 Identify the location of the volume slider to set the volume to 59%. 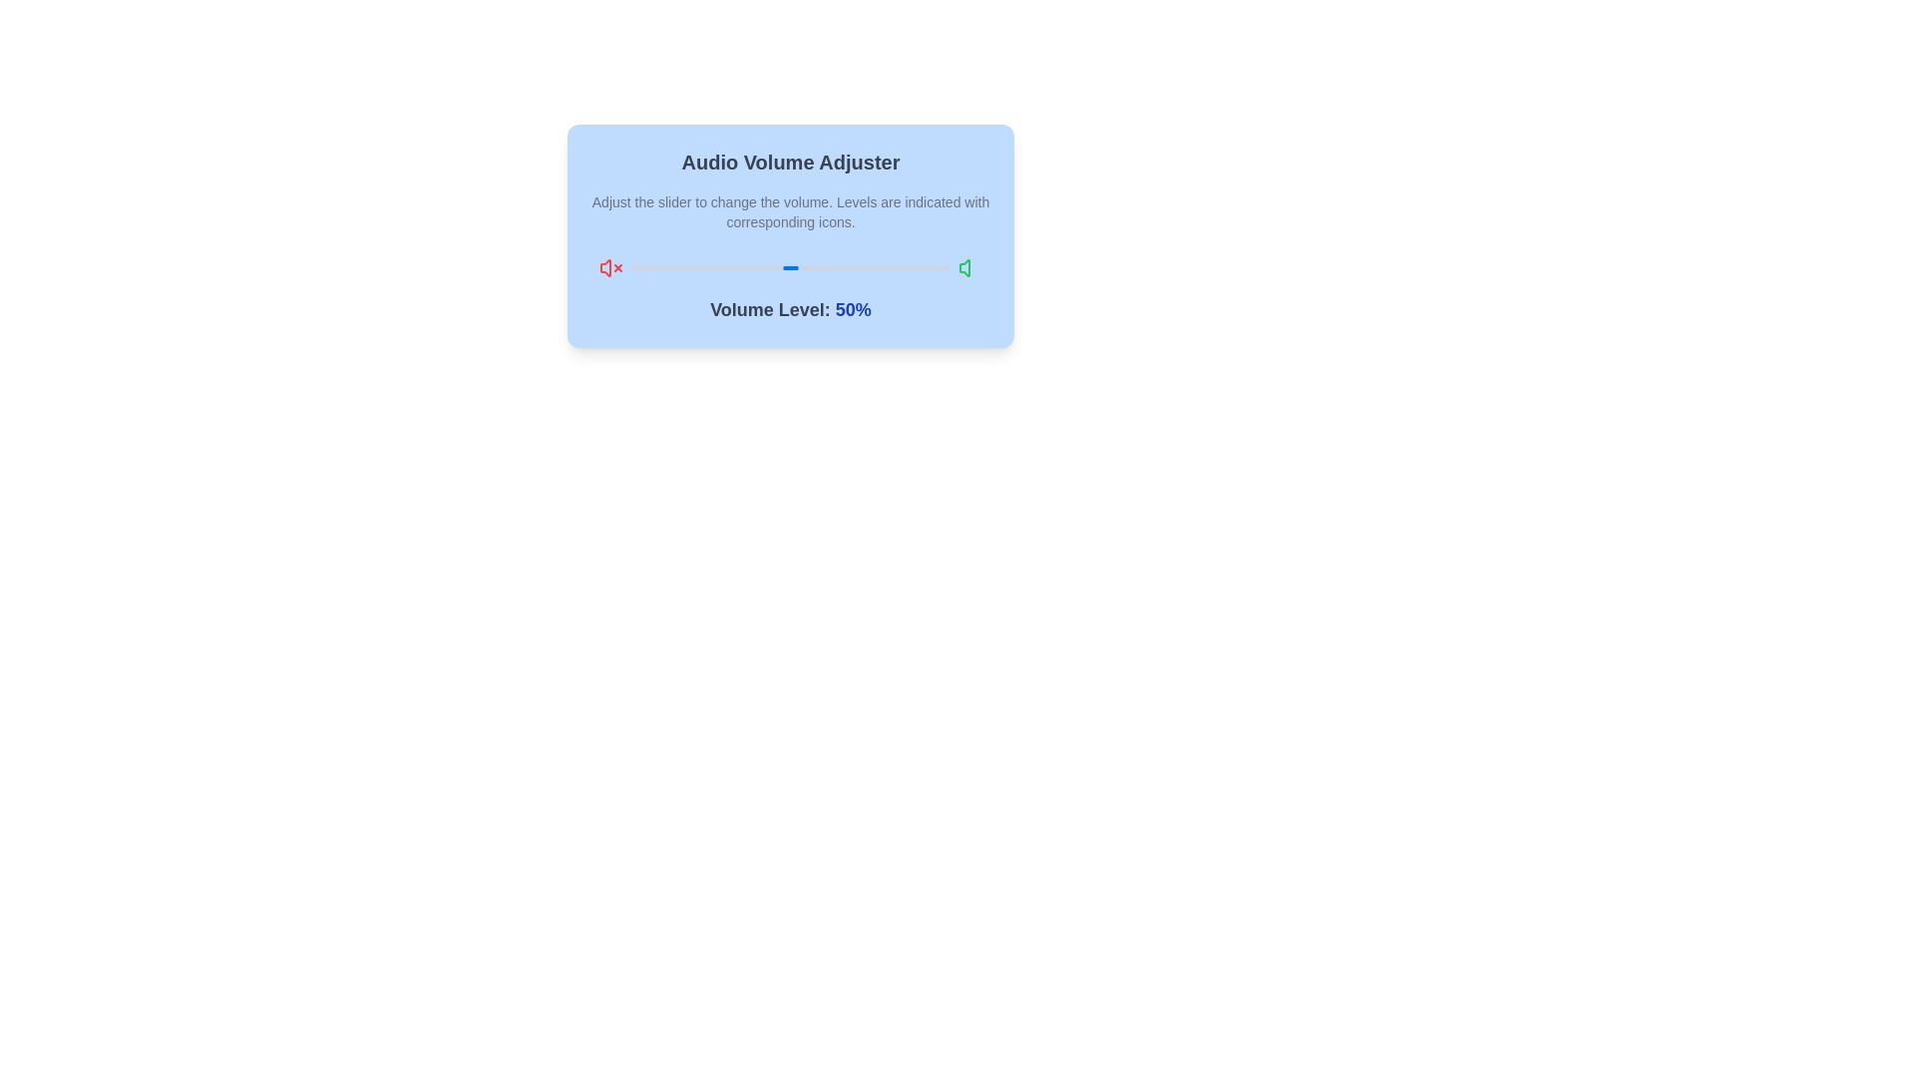
(819, 267).